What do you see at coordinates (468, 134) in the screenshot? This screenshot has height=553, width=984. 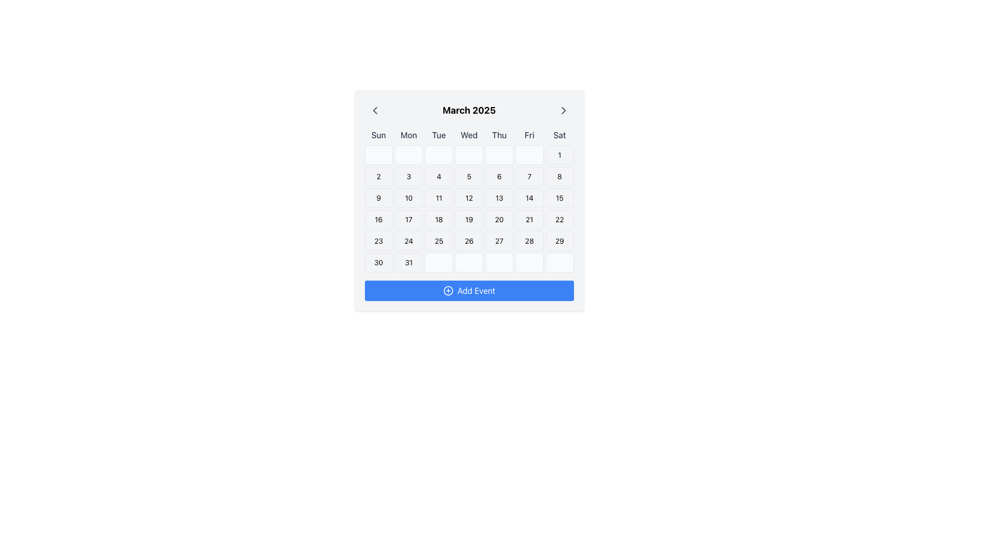 I see `static text label row that displays the days of the week in the calendar, located below the 'March 2025' header` at bounding box center [468, 134].